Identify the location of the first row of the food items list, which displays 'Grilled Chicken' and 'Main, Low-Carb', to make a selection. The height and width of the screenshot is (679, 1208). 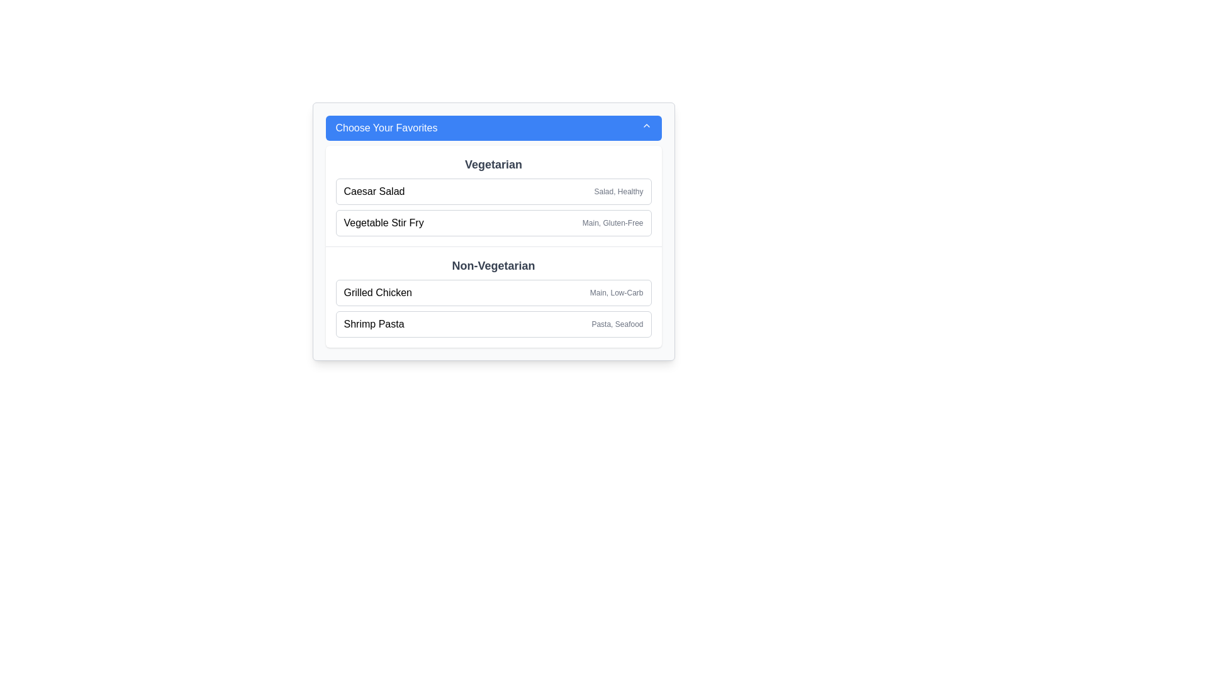
(493, 308).